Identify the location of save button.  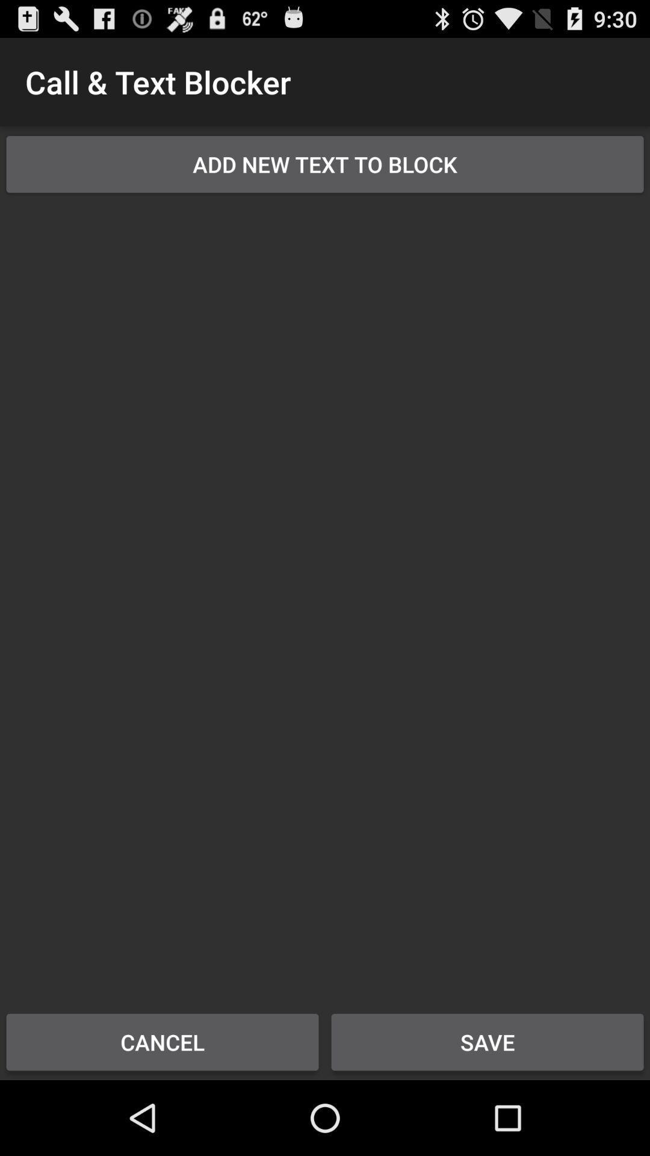
(487, 1042).